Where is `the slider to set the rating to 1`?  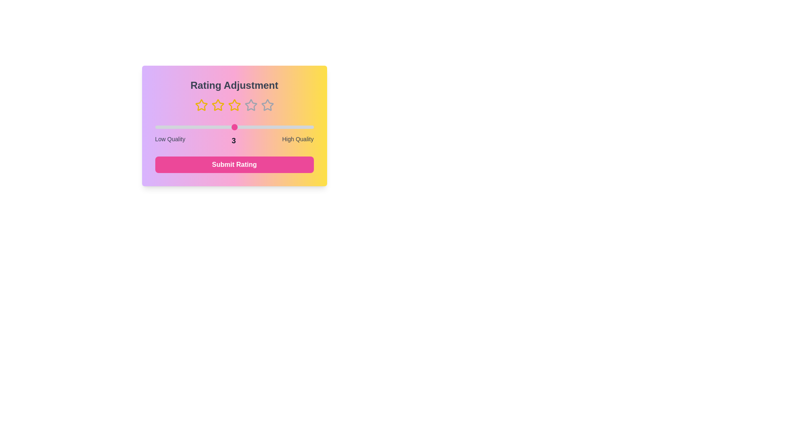 the slider to set the rating to 1 is located at coordinates (155, 127).